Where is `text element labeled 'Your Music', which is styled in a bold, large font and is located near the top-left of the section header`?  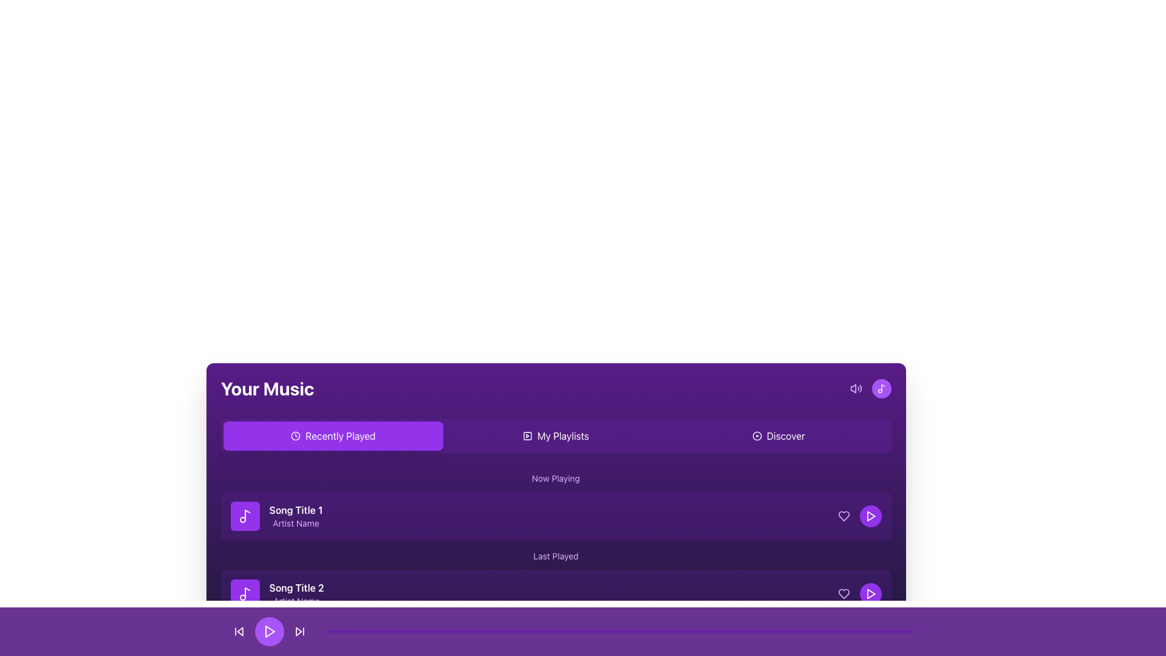
text element labeled 'Your Music', which is styled in a bold, large font and is located near the top-left of the section header is located at coordinates (267, 389).